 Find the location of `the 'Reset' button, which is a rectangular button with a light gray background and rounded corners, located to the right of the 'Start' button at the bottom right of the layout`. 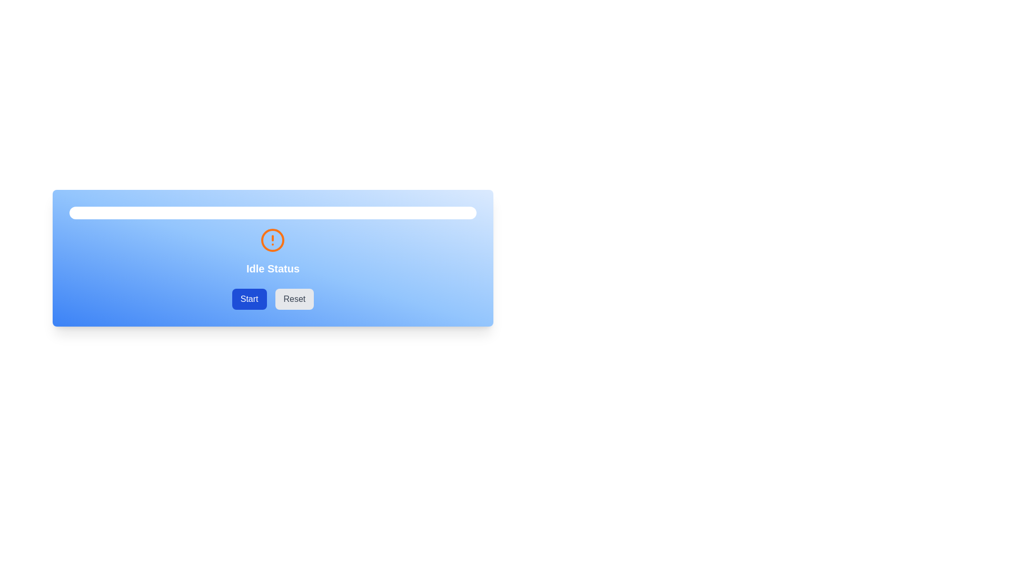

the 'Reset' button, which is a rectangular button with a light gray background and rounded corners, located to the right of the 'Start' button at the bottom right of the layout is located at coordinates (294, 299).